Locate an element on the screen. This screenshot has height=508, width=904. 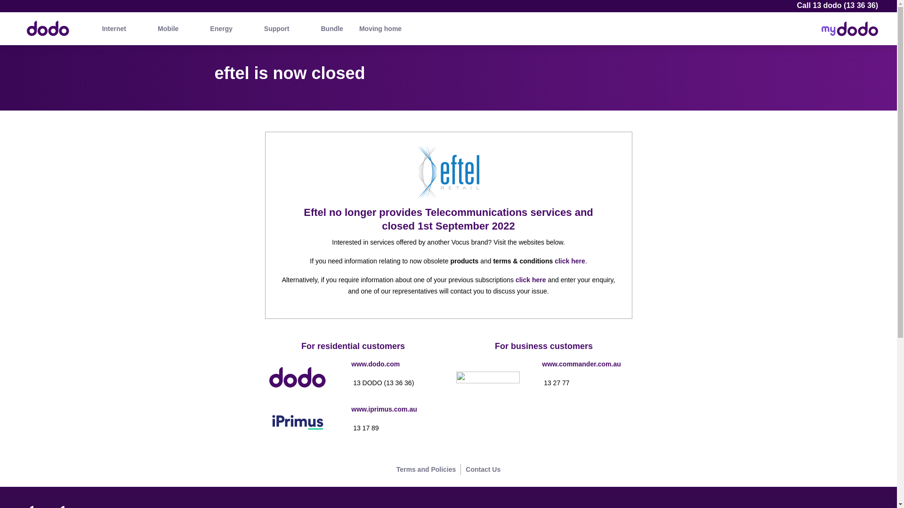
'Home' is located at coordinates (16, 24).